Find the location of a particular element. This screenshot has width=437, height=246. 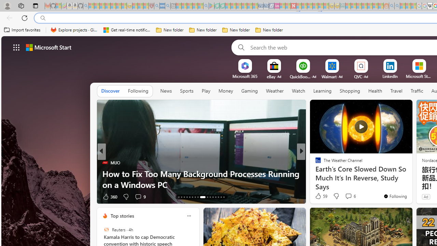

'AutomationID: tab-15' is located at coordinates (184, 197).